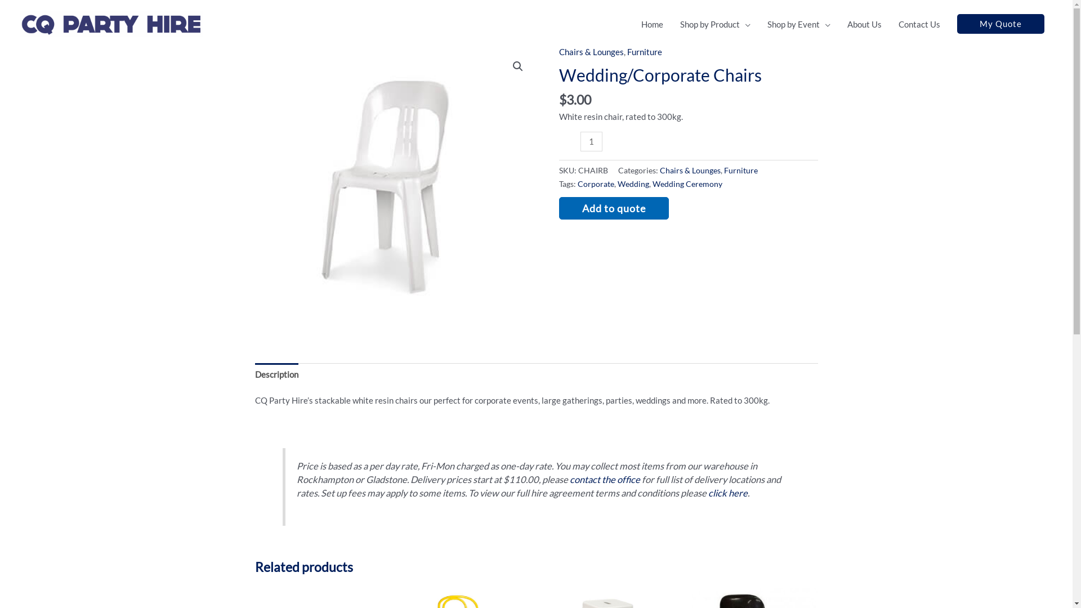  Describe the element at coordinates (616, 184) in the screenshot. I see `'Wedding'` at that location.